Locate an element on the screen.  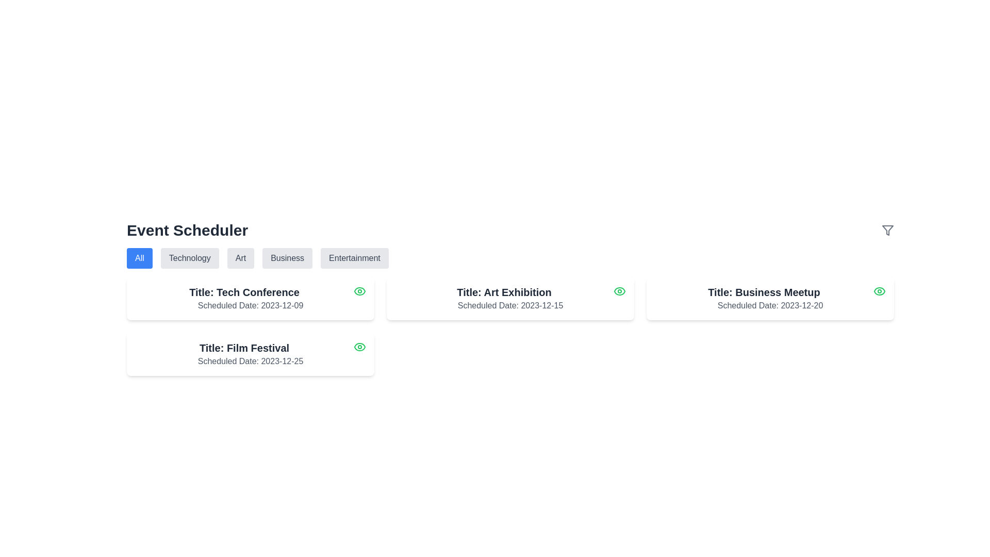
the green eye icon button located at the top-right corner of the 'Business Meetup' event card is located at coordinates (879, 291).